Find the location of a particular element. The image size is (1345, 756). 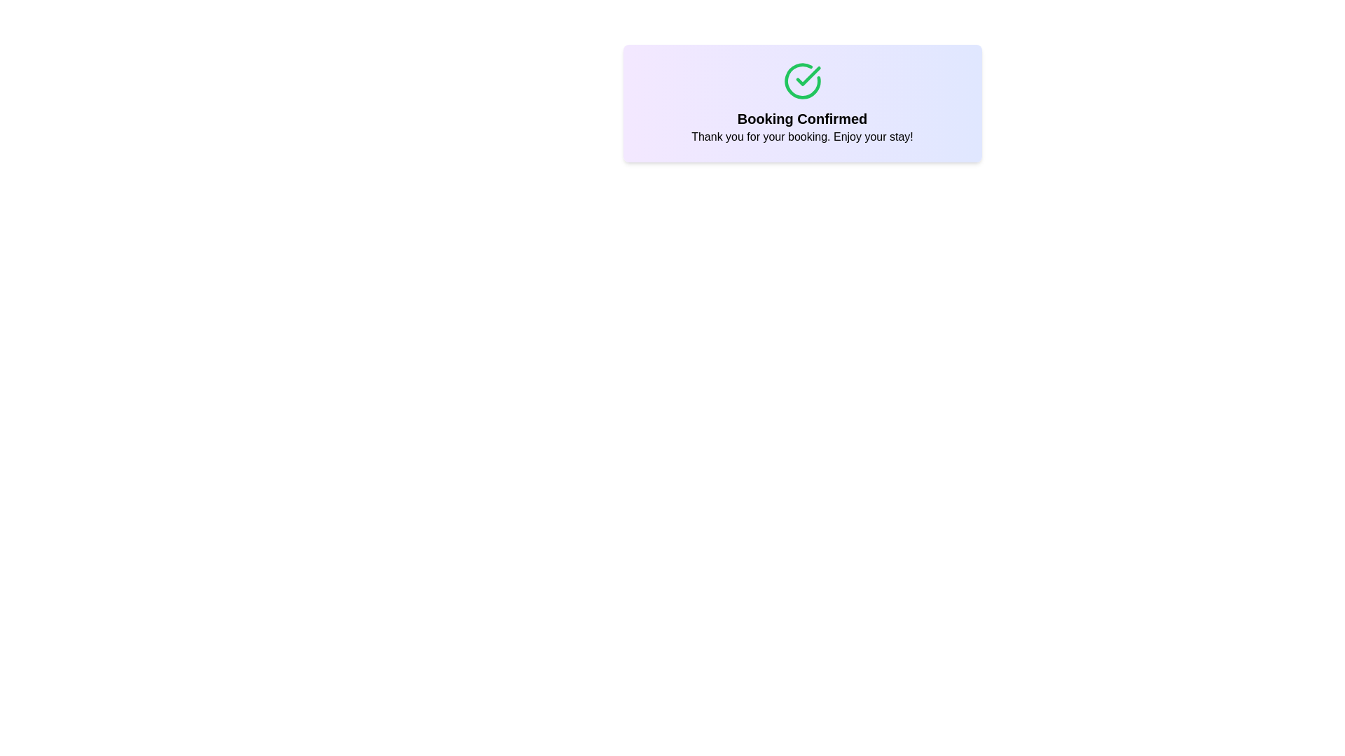

the visual confirmation icon located at the top-center area above the 'Booking Confirmed' text to refer to its meaning of successful action or booking is located at coordinates (802, 80).